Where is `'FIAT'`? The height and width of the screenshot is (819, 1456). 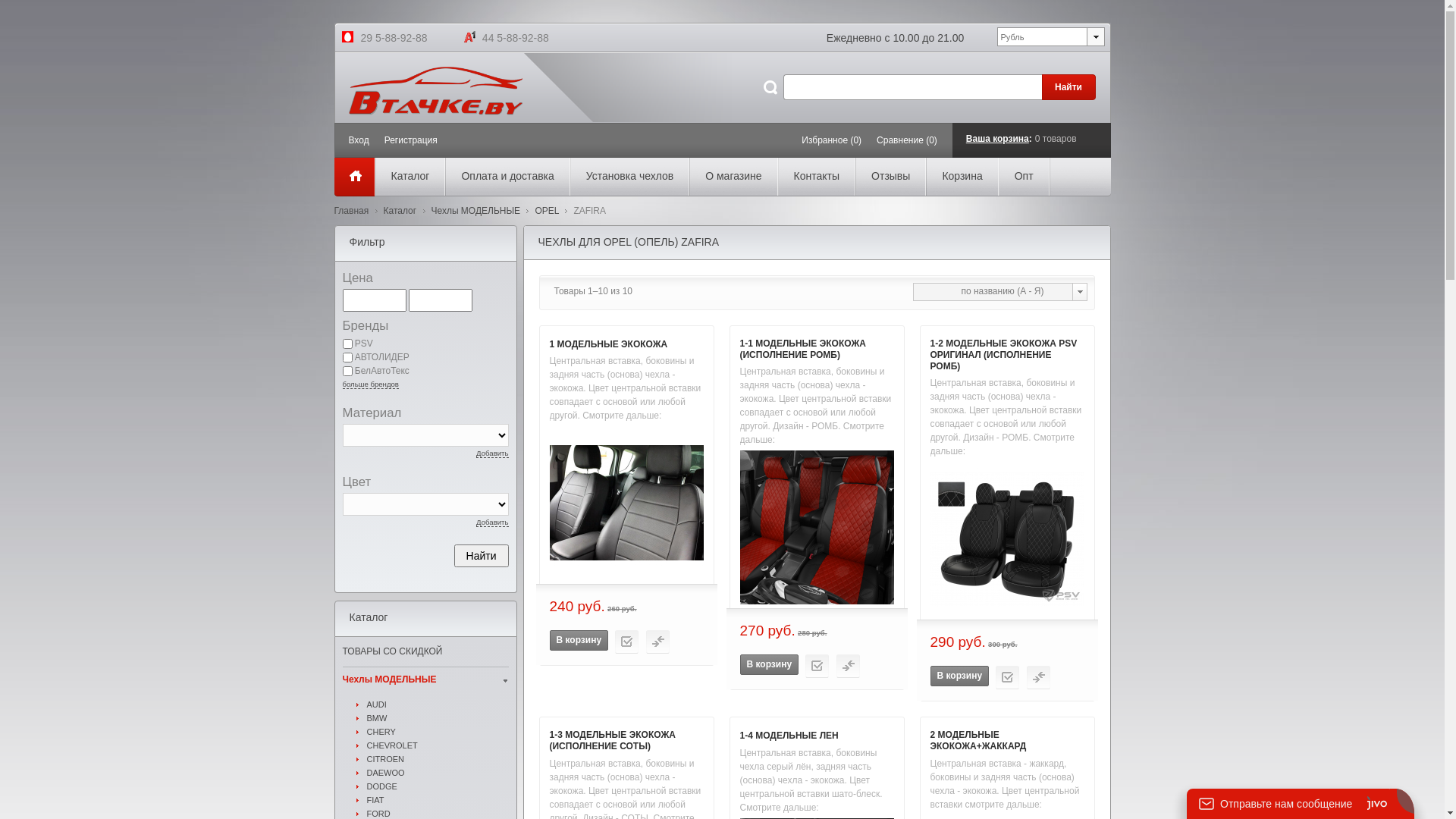
'FIAT' is located at coordinates (437, 799).